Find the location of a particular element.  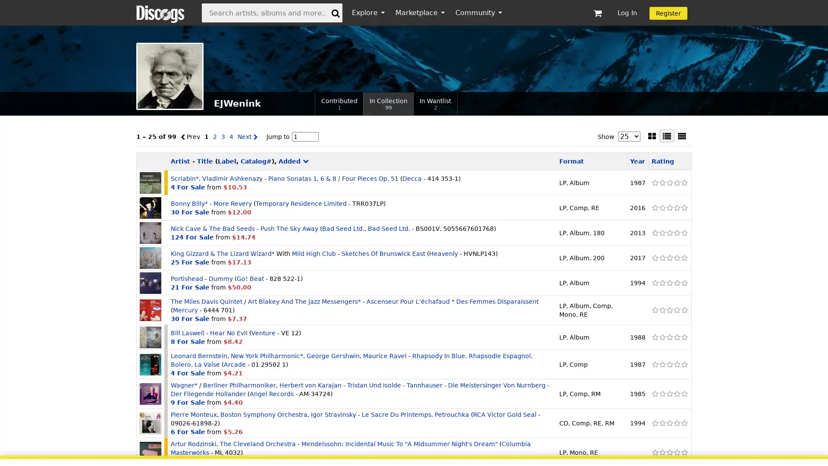

Rate this release 5 stars. is located at coordinates (684, 337).